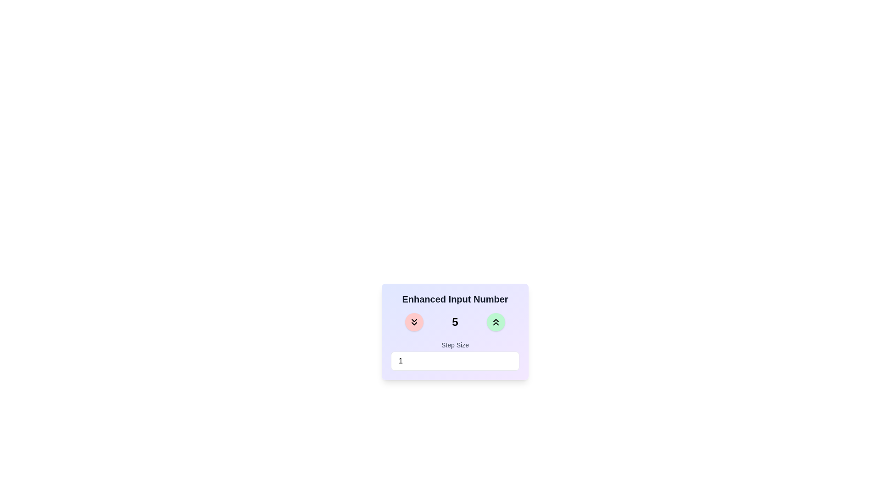 The width and height of the screenshot is (881, 495). Describe the element at coordinates (495, 321) in the screenshot. I see `the Increment Button, which features a double-chevron upward icon within a circular button at the top-right corner of the numeric input interface` at that location.